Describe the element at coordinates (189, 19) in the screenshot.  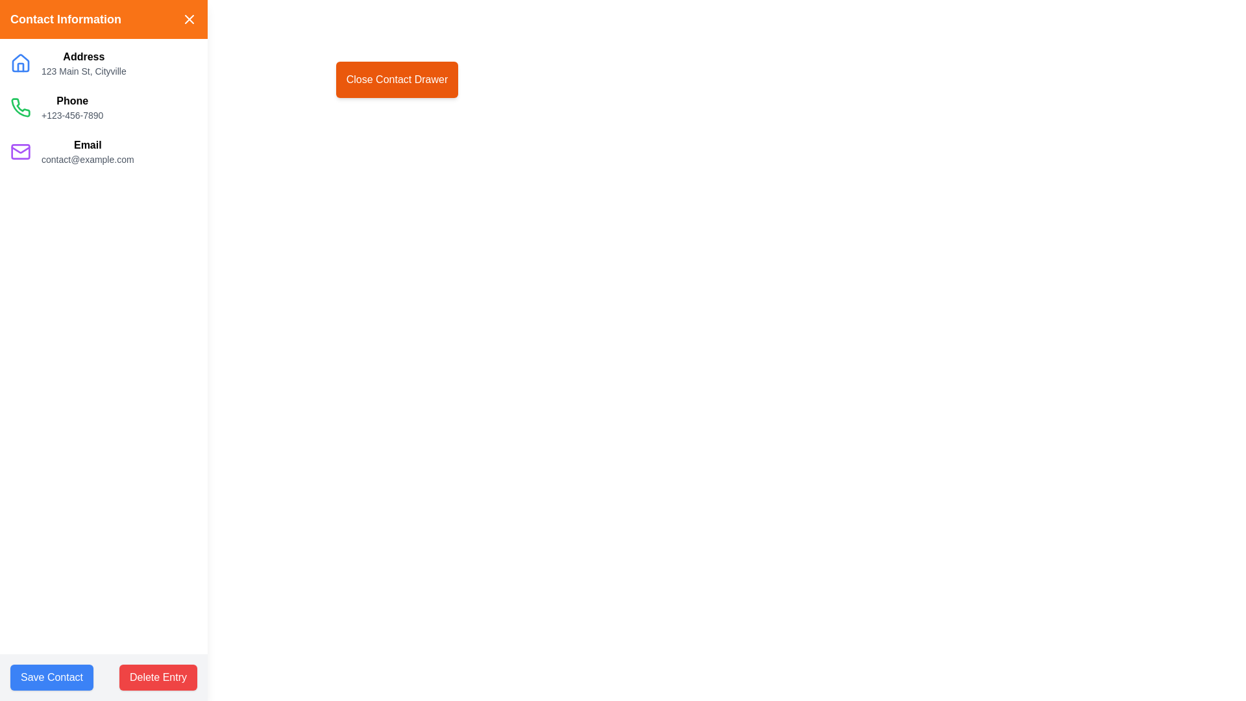
I see `the 'X' icon located at the top-right corner of the orange 'Contact Information' section` at that location.